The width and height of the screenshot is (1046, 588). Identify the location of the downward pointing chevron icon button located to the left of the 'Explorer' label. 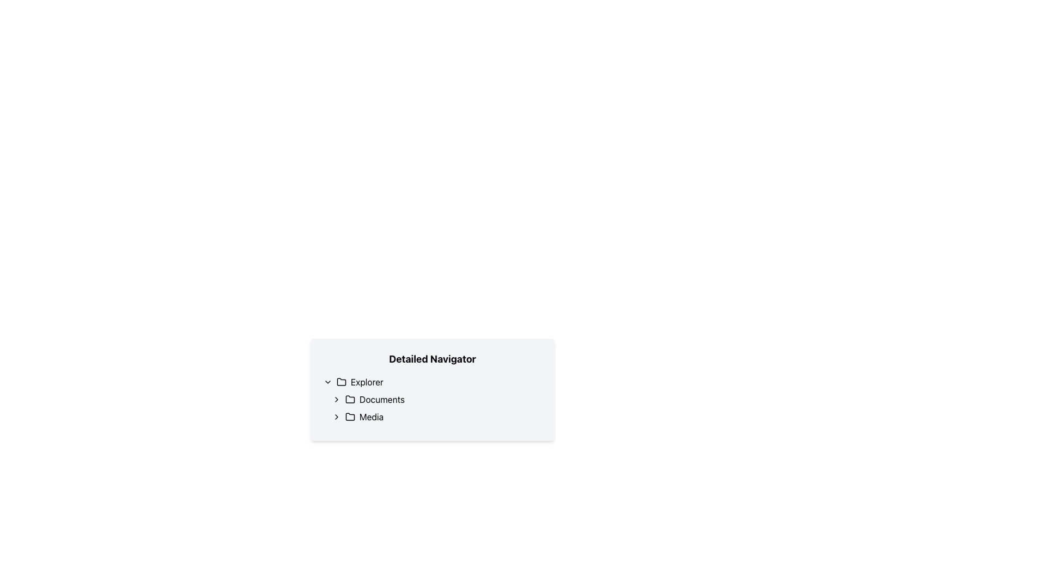
(327, 382).